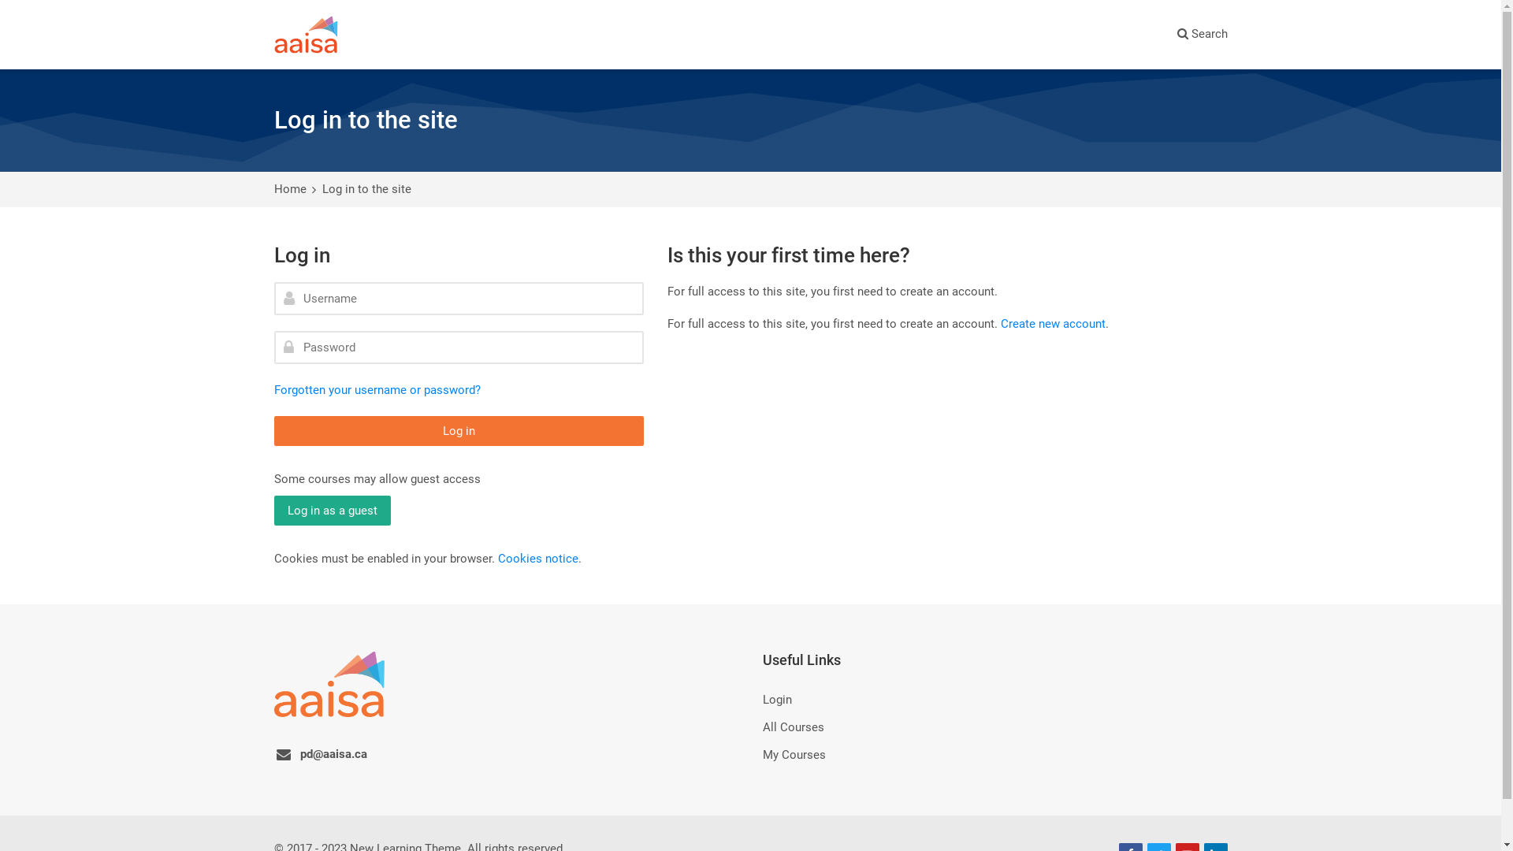 Image resolution: width=1513 pixels, height=851 pixels. I want to click on 'Login', so click(777, 698).